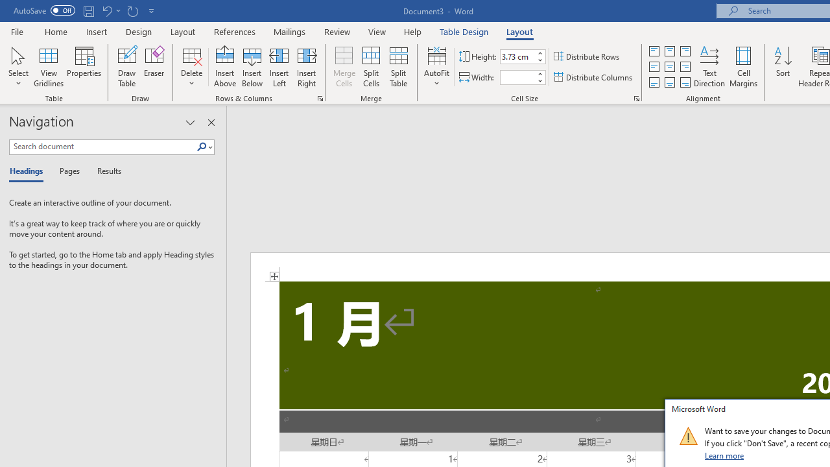 The image size is (830, 467). What do you see at coordinates (743, 67) in the screenshot?
I see `'Cell Margins...'` at bounding box center [743, 67].